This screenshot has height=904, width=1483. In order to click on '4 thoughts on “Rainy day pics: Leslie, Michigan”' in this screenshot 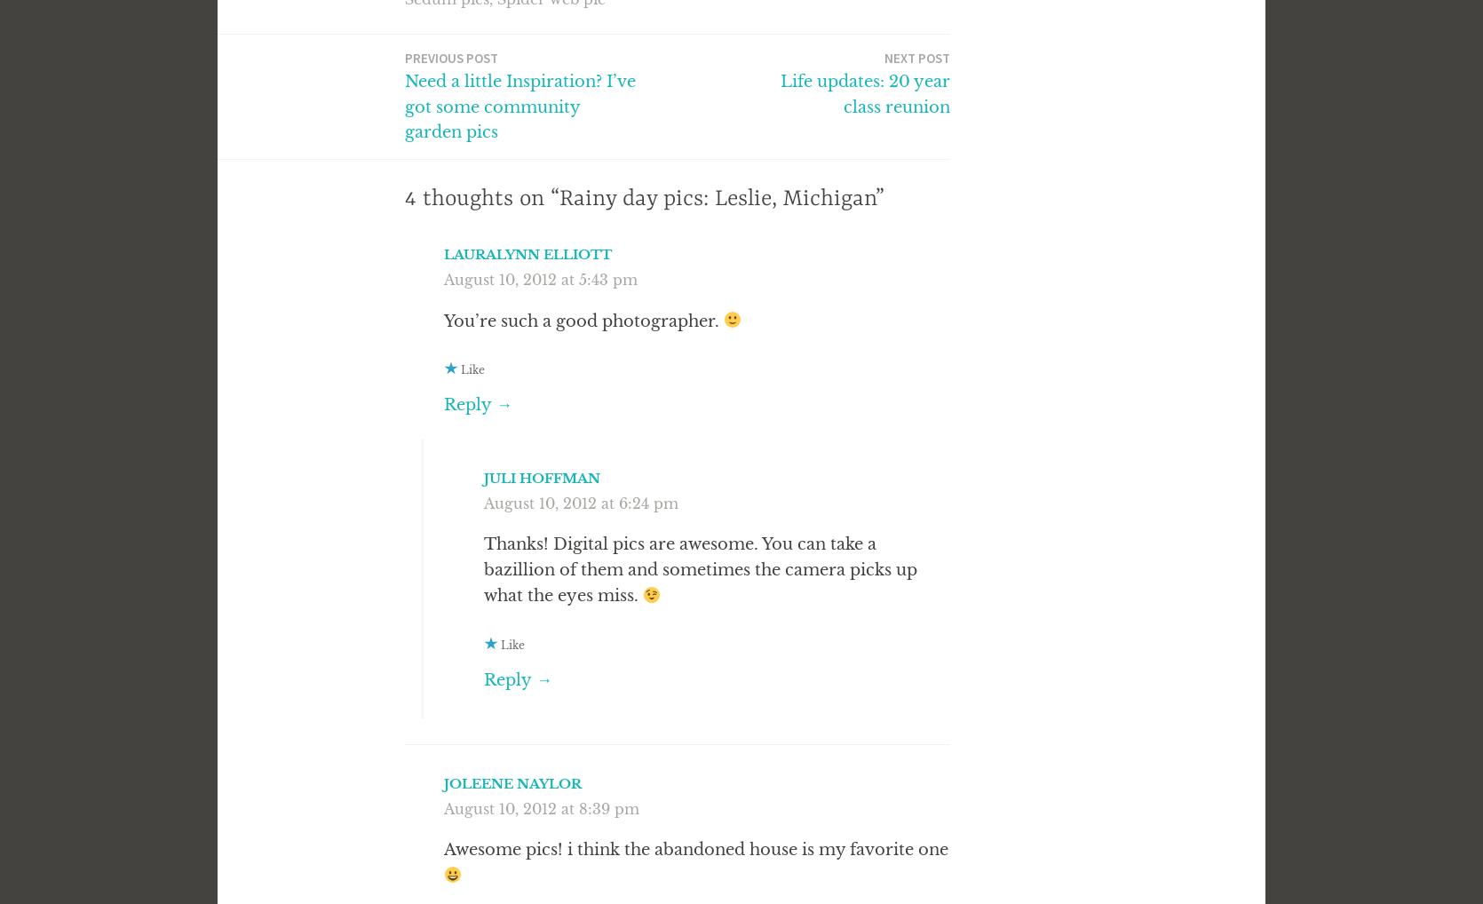, I will do `click(404, 198)`.